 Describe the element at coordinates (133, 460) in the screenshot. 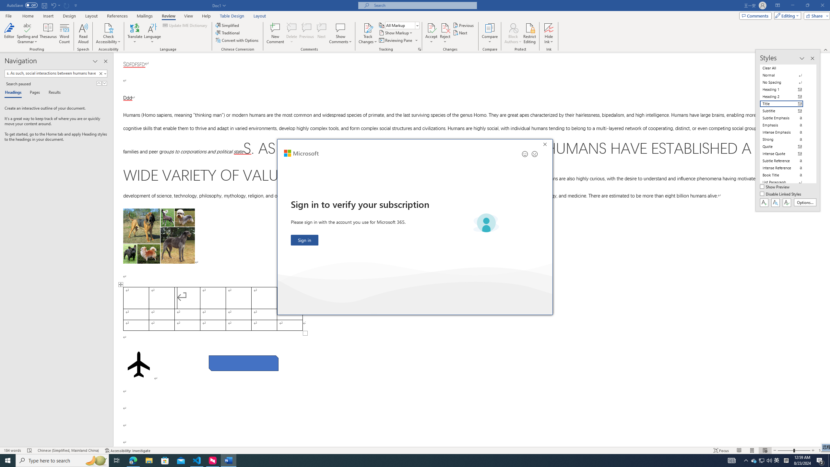

I see `'Microsoft Edge - 1 running window'` at that location.